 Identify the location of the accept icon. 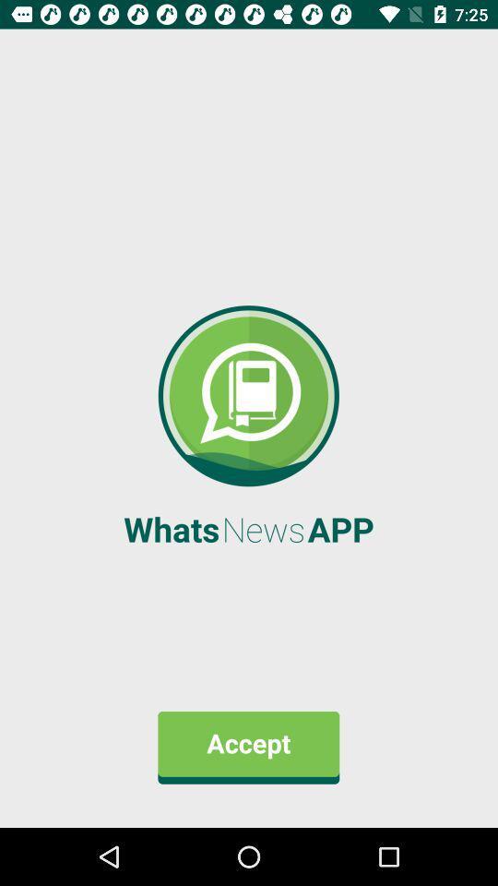
(248, 748).